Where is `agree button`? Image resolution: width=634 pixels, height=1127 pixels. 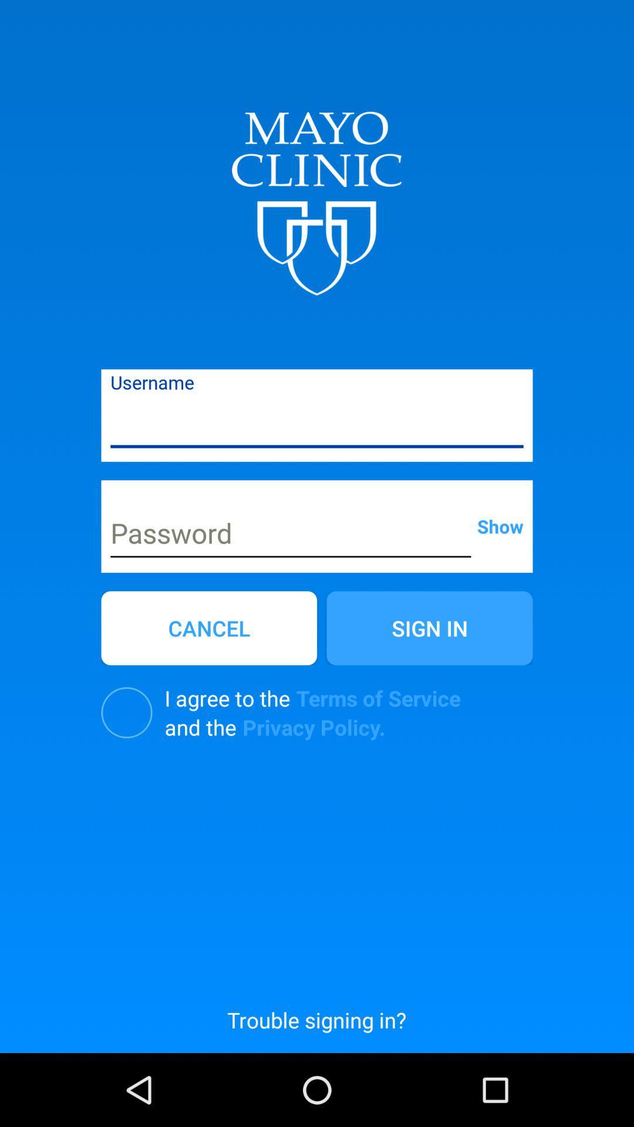 agree button is located at coordinates (127, 712).